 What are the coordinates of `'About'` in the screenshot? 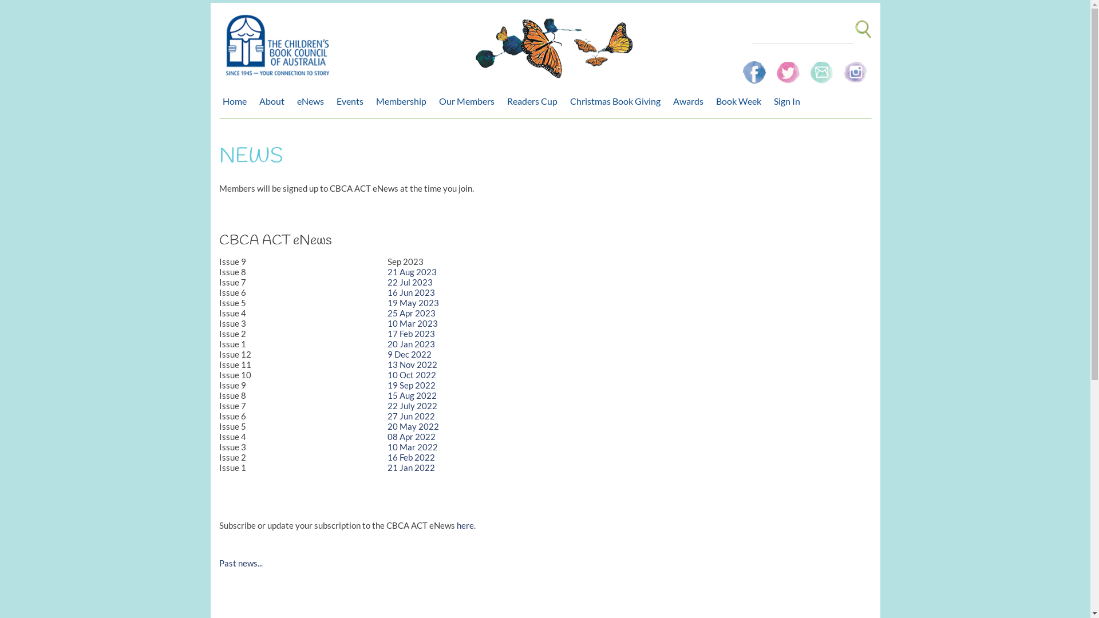 It's located at (274, 101).